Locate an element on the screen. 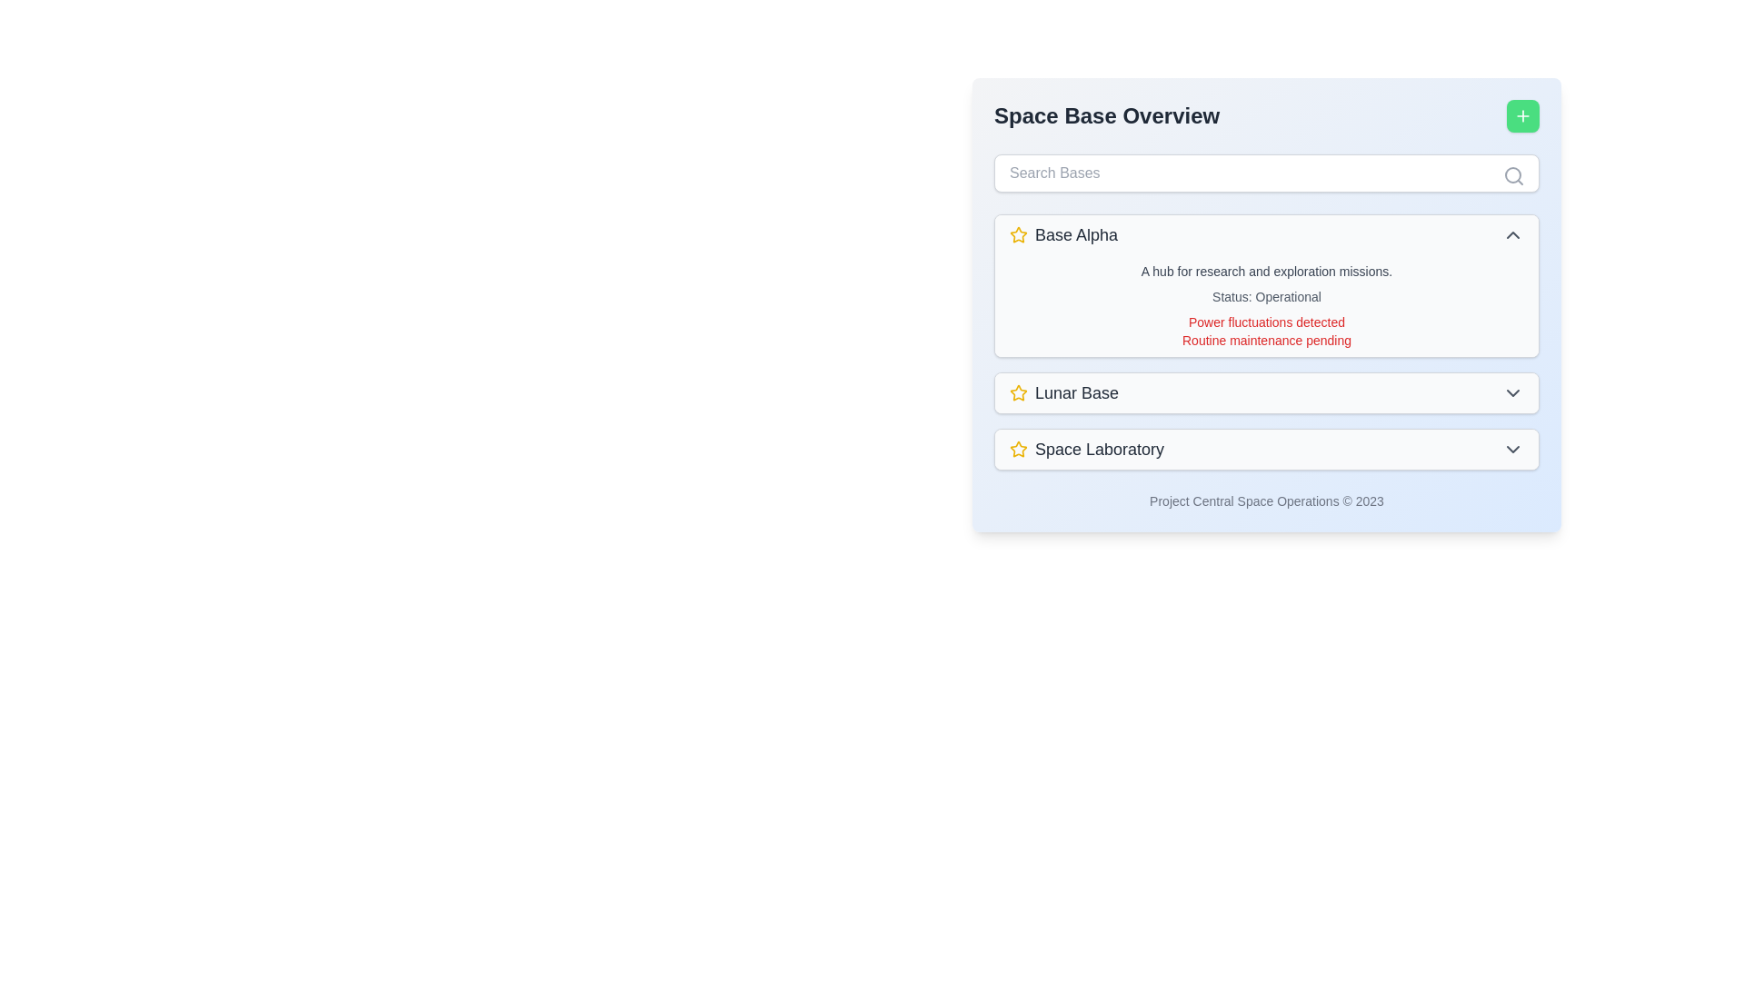 This screenshot has height=981, width=1745. the text label reading 'Lunar Base' that is styled with a medium font weight and larger text size, located within the dropdown button section of the 'Space Base Overview' menu, positioned above the dropdown indicator is located at coordinates (1077, 391).